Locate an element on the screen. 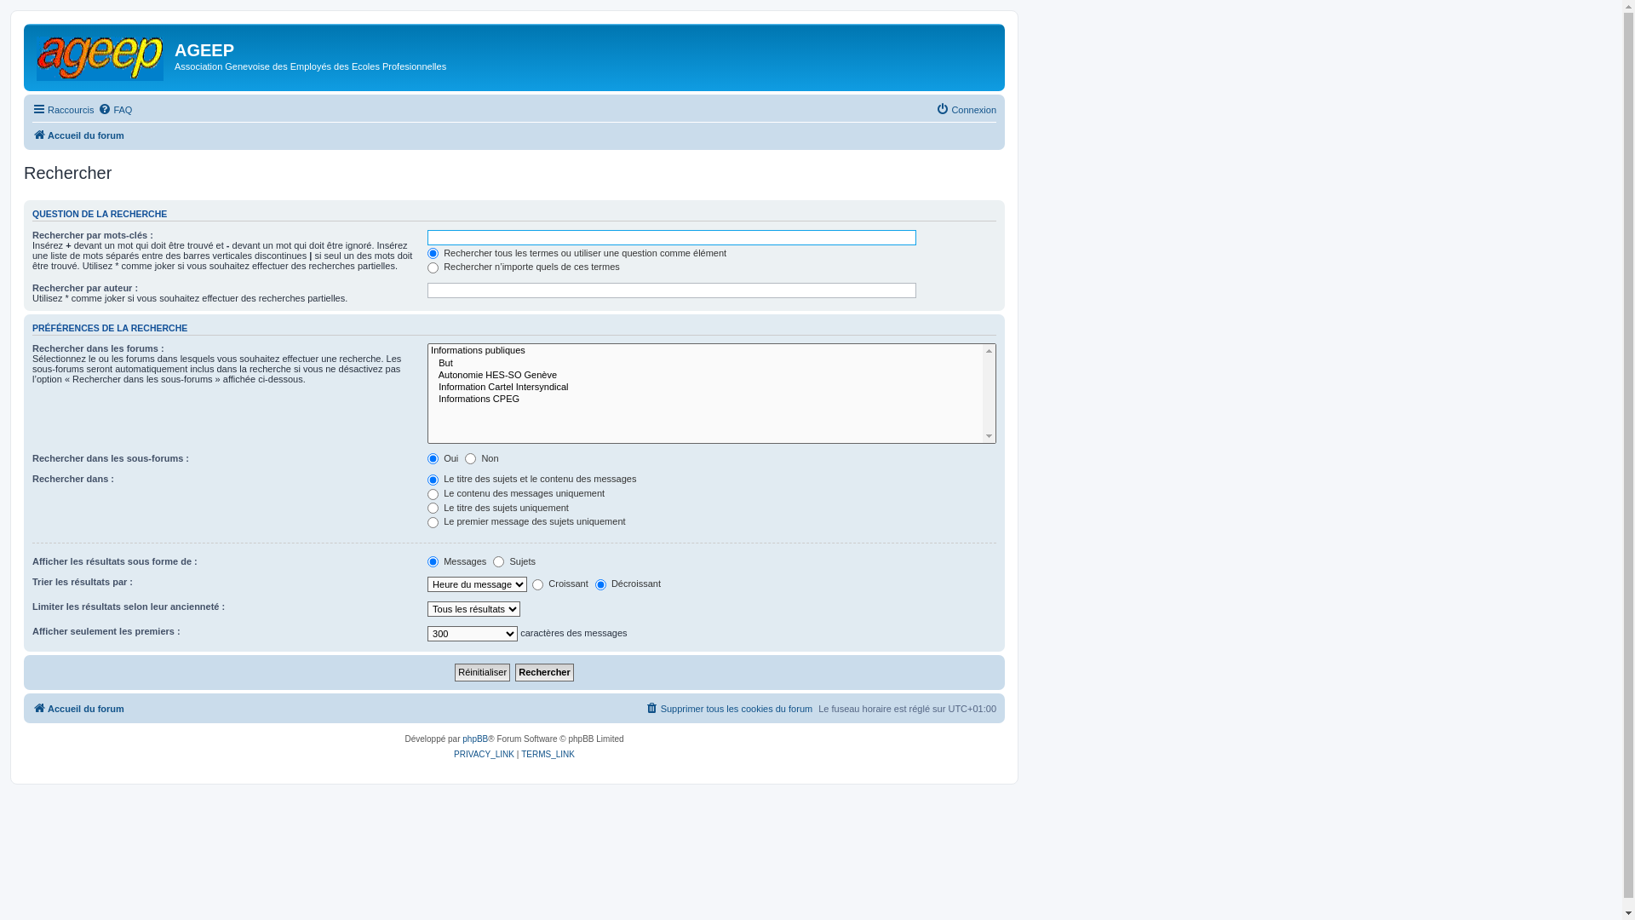  'TERMS_LINK' is located at coordinates (519, 754).